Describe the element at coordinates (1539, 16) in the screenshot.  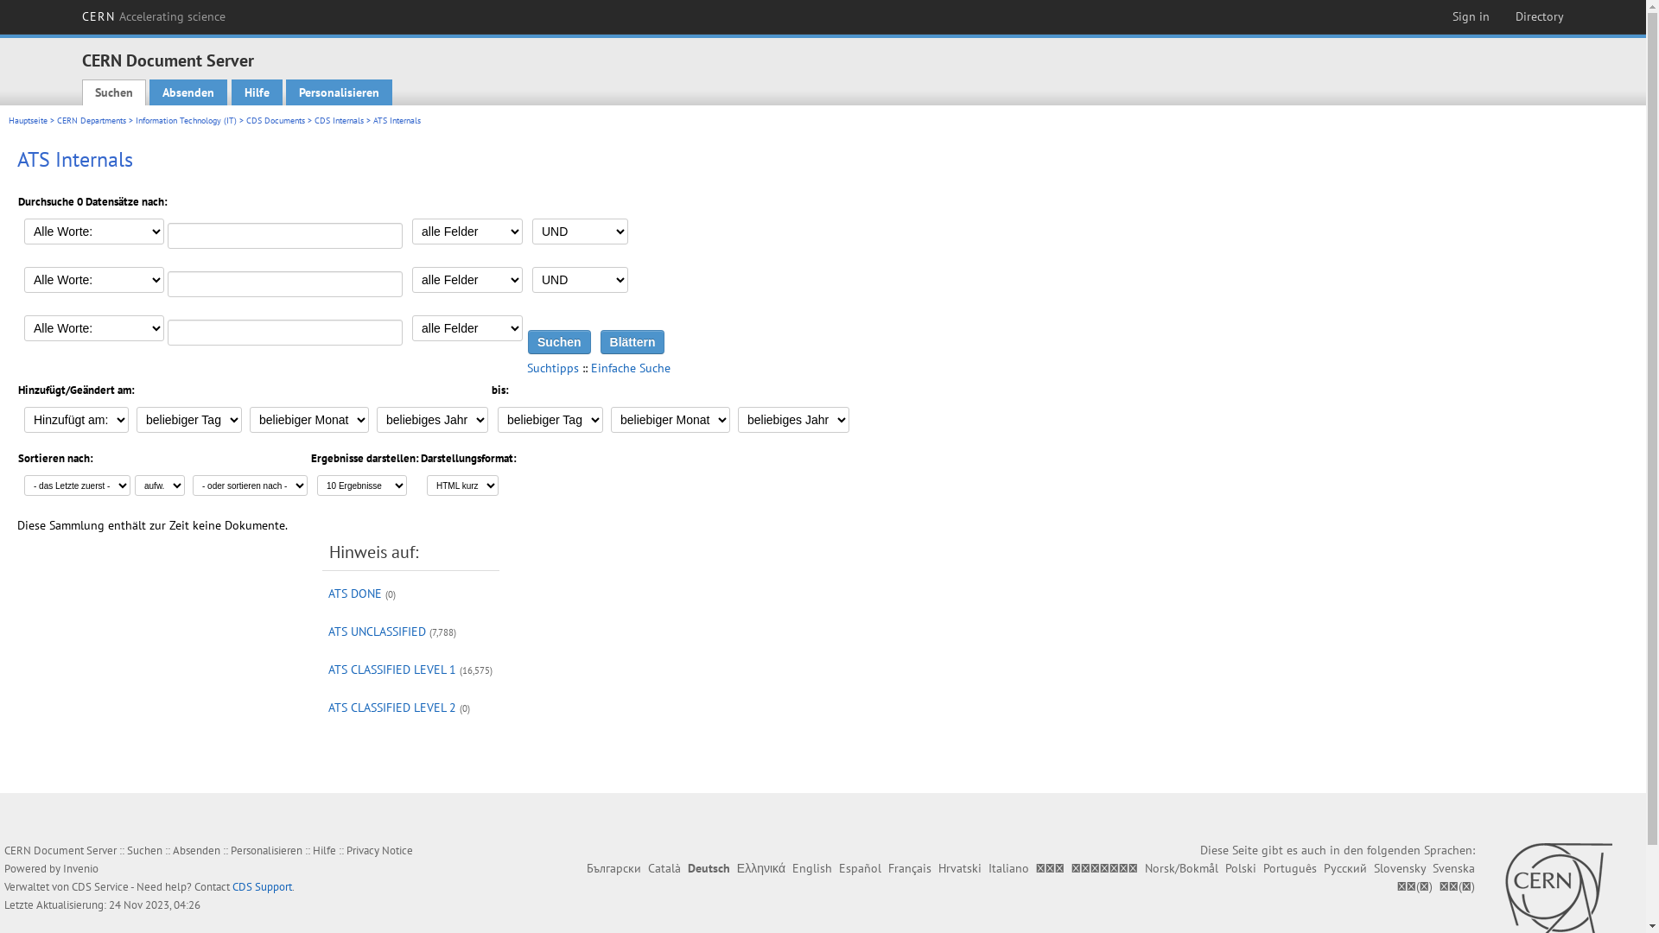
I see `'Directory'` at that location.